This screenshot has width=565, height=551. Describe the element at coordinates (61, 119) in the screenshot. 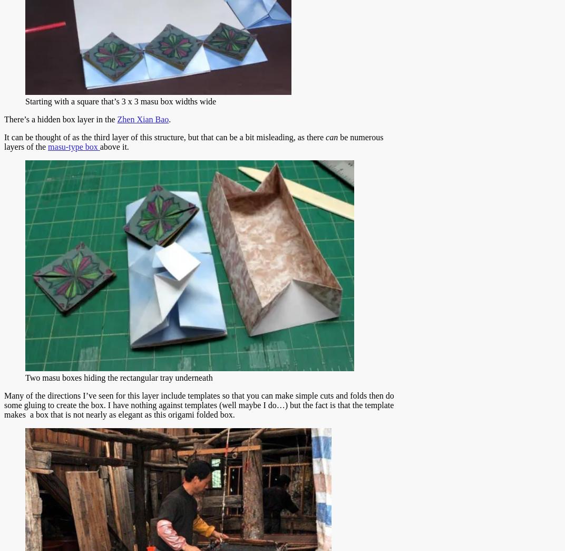

I see `'There’s a hidden box layer in the'` at that location.